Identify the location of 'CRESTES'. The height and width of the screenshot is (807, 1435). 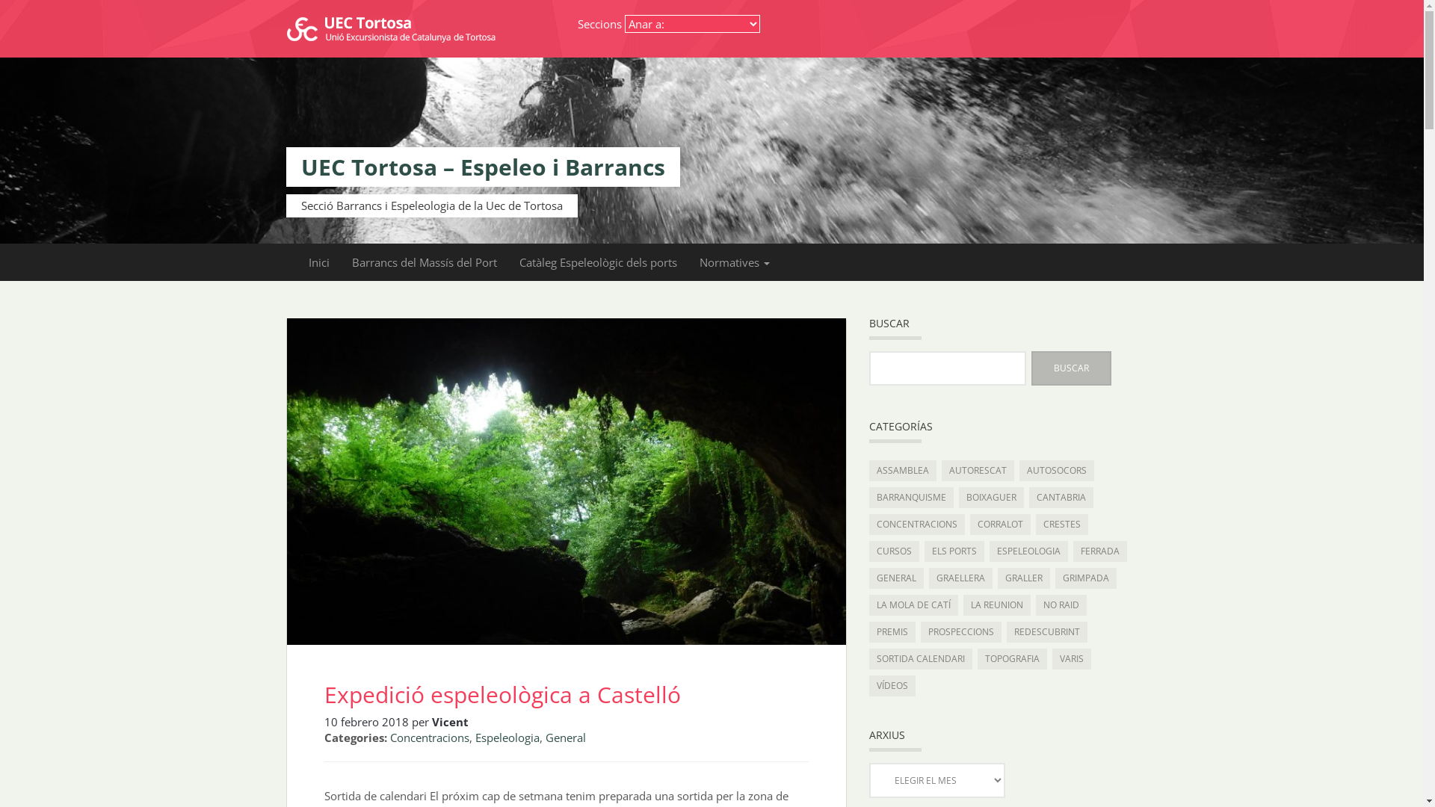
(1061, 524).